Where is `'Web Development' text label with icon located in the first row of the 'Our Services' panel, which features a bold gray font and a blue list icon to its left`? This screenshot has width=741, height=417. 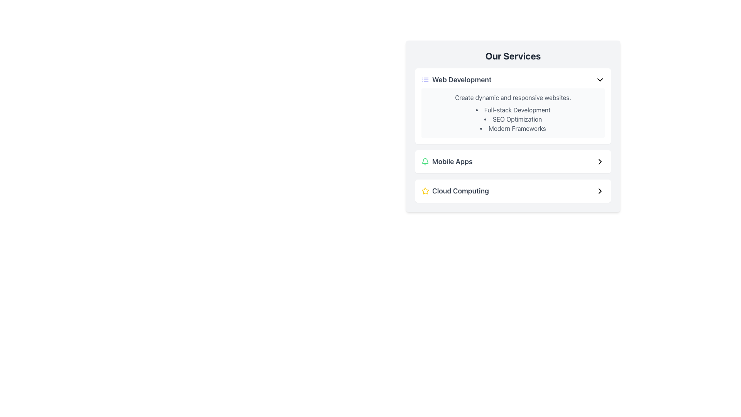 'Web Development' text label with icon located in the first row of the 'Our Services' panel, which features a bold gray font and a blue list icon to its left is located at coordinates (456, 80).